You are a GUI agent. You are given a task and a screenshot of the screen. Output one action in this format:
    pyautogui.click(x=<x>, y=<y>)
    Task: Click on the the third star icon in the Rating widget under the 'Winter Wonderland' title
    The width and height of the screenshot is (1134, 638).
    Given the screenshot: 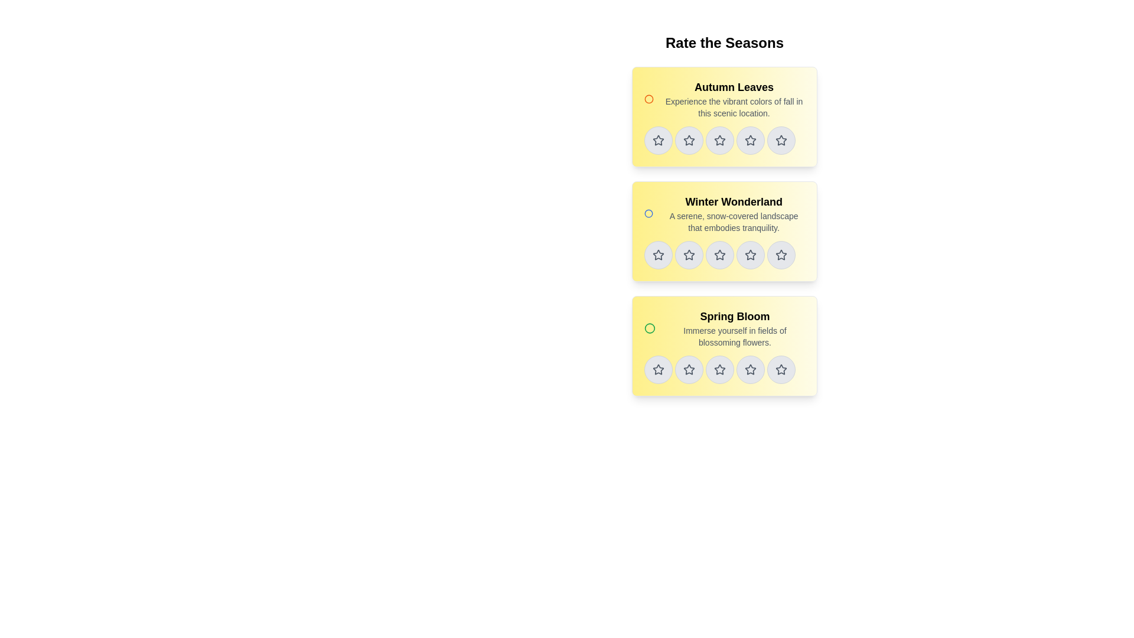 What is the action you would take?
    pyautogui.click(x=724, y=255)
    